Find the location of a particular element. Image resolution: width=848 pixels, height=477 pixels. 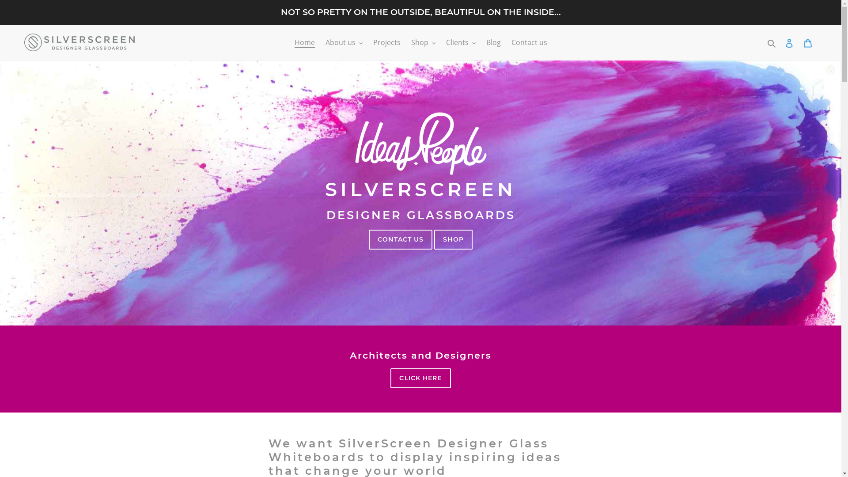

'Blog' is located at coordinates (492, 42).